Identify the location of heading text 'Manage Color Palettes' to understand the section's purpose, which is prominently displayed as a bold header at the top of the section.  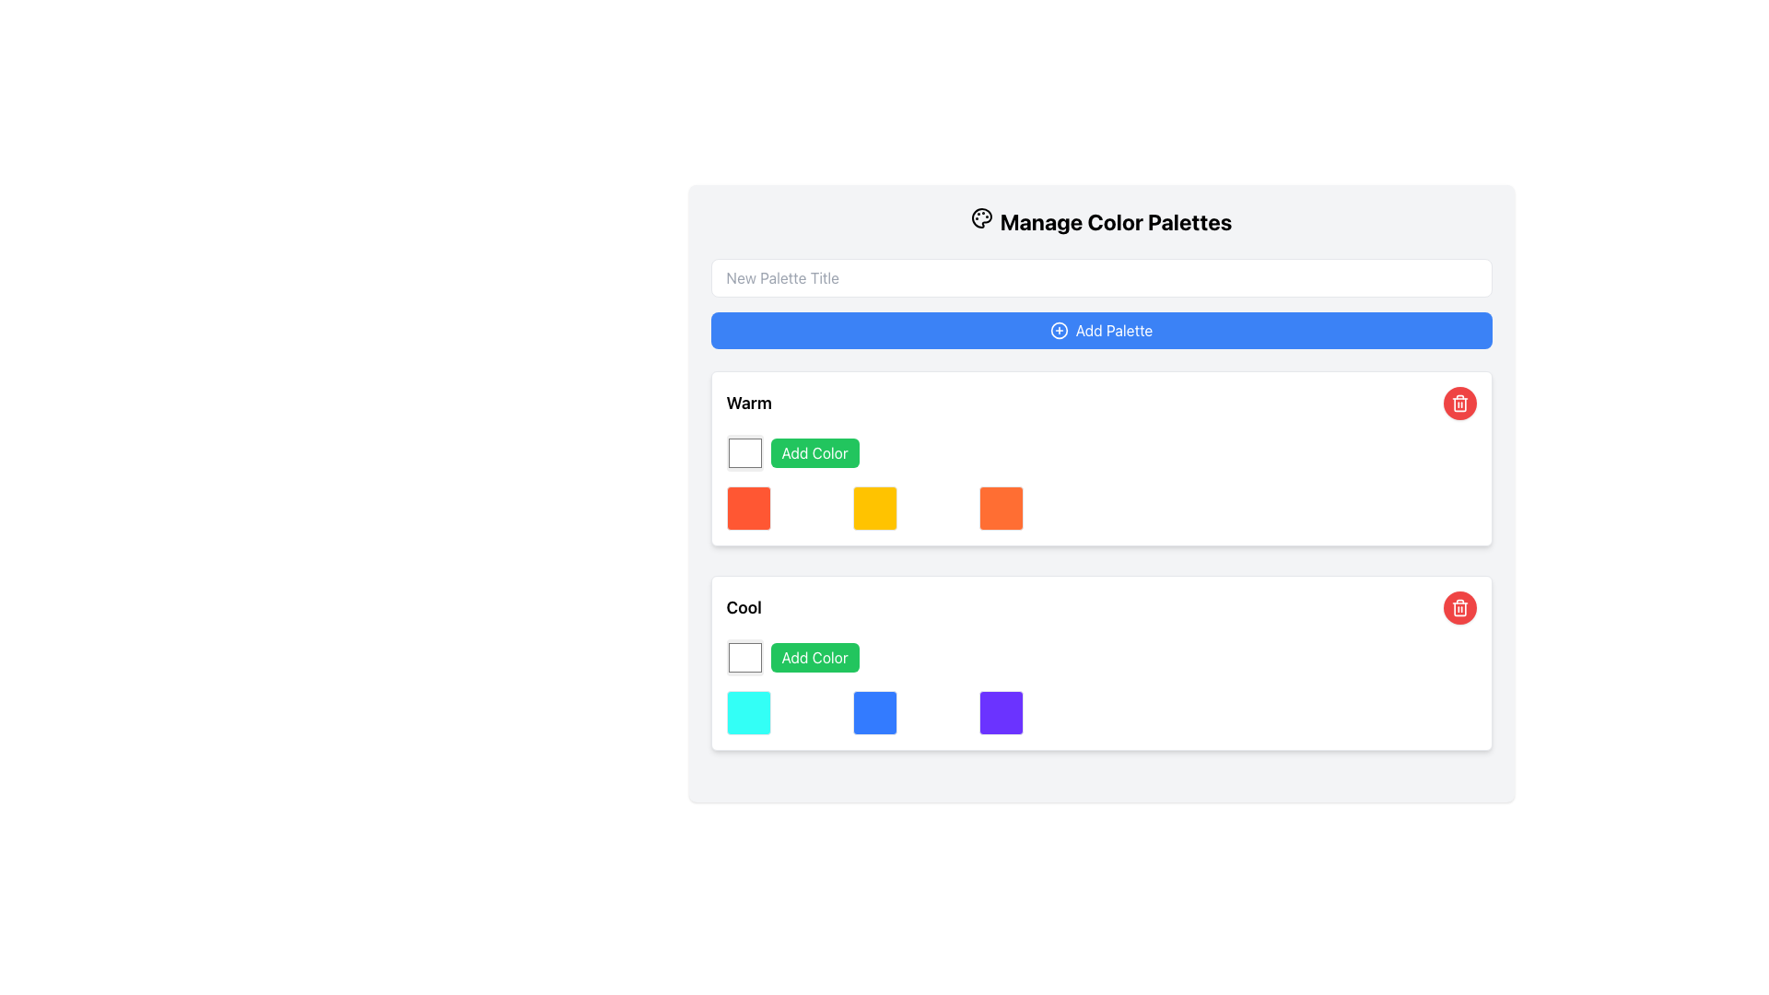
(1101, 220).